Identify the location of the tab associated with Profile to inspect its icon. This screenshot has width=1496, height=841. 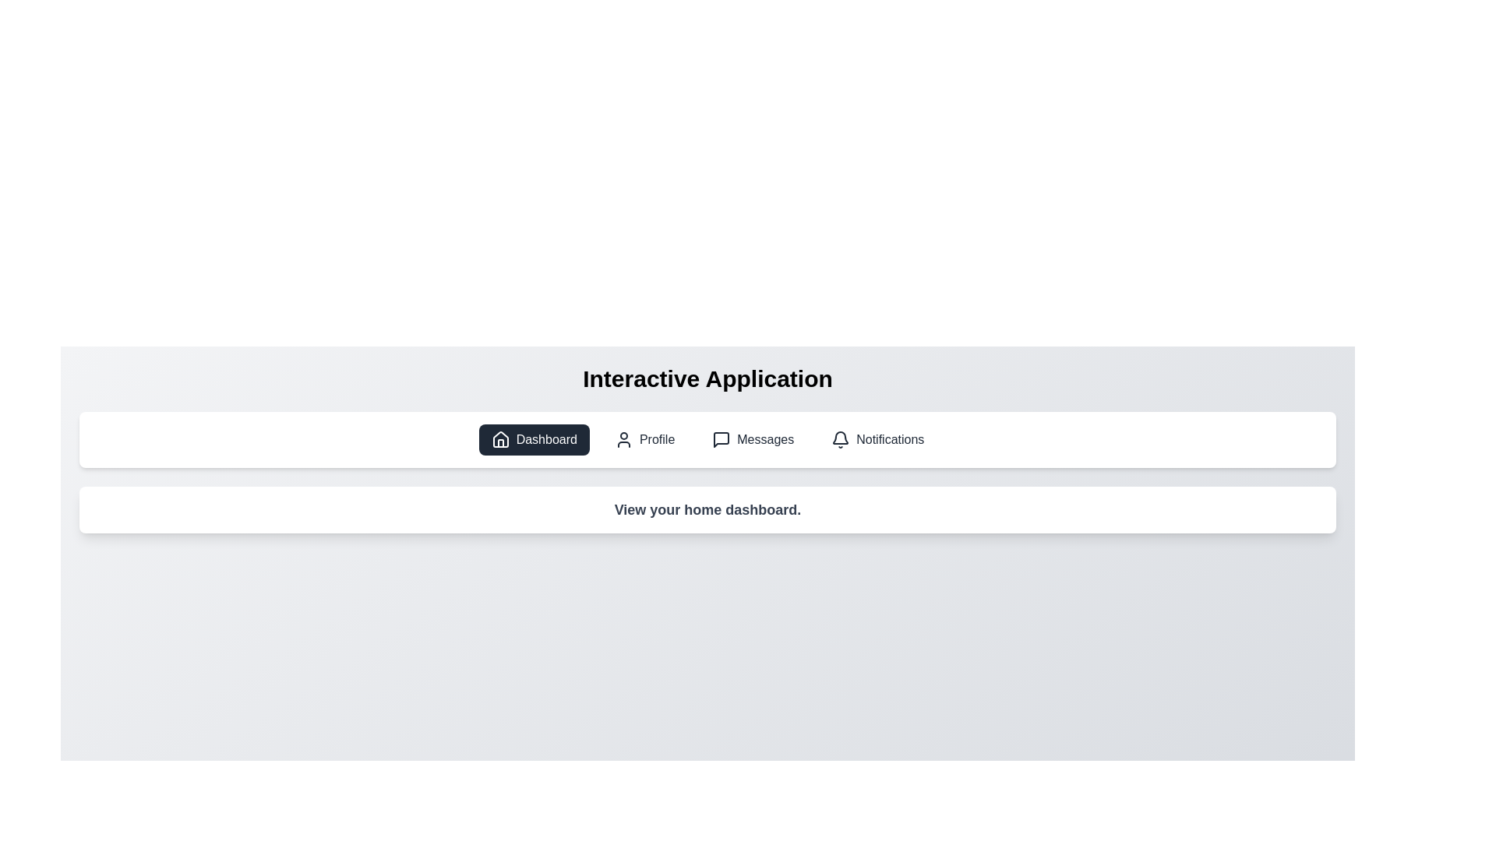
(644, 439).